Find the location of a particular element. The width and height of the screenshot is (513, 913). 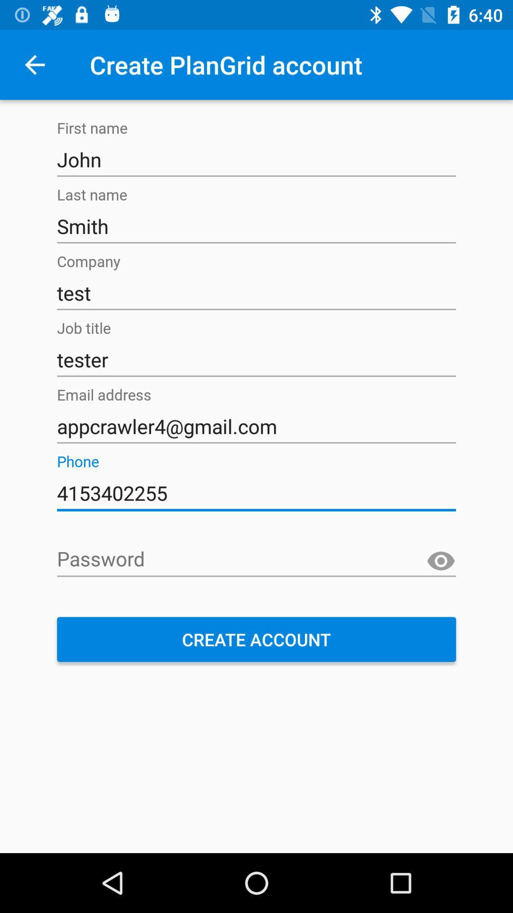

the tester icon is located at coordinates (256, 359).